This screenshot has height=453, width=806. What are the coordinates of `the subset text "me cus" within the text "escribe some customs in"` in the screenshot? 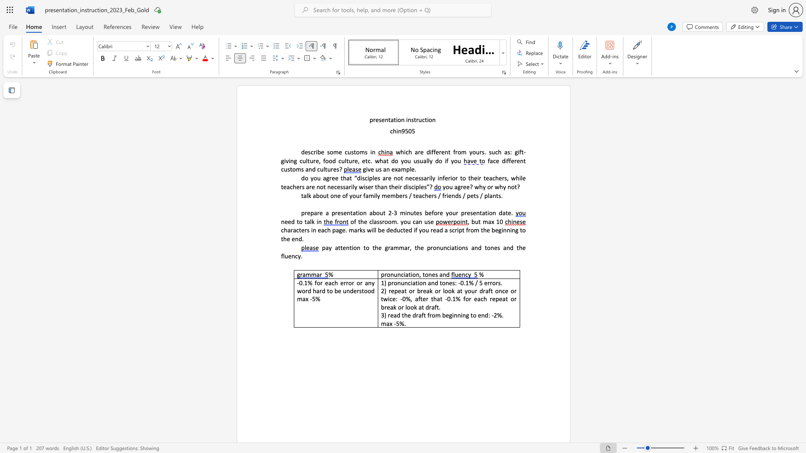 It's located at (332, 152).